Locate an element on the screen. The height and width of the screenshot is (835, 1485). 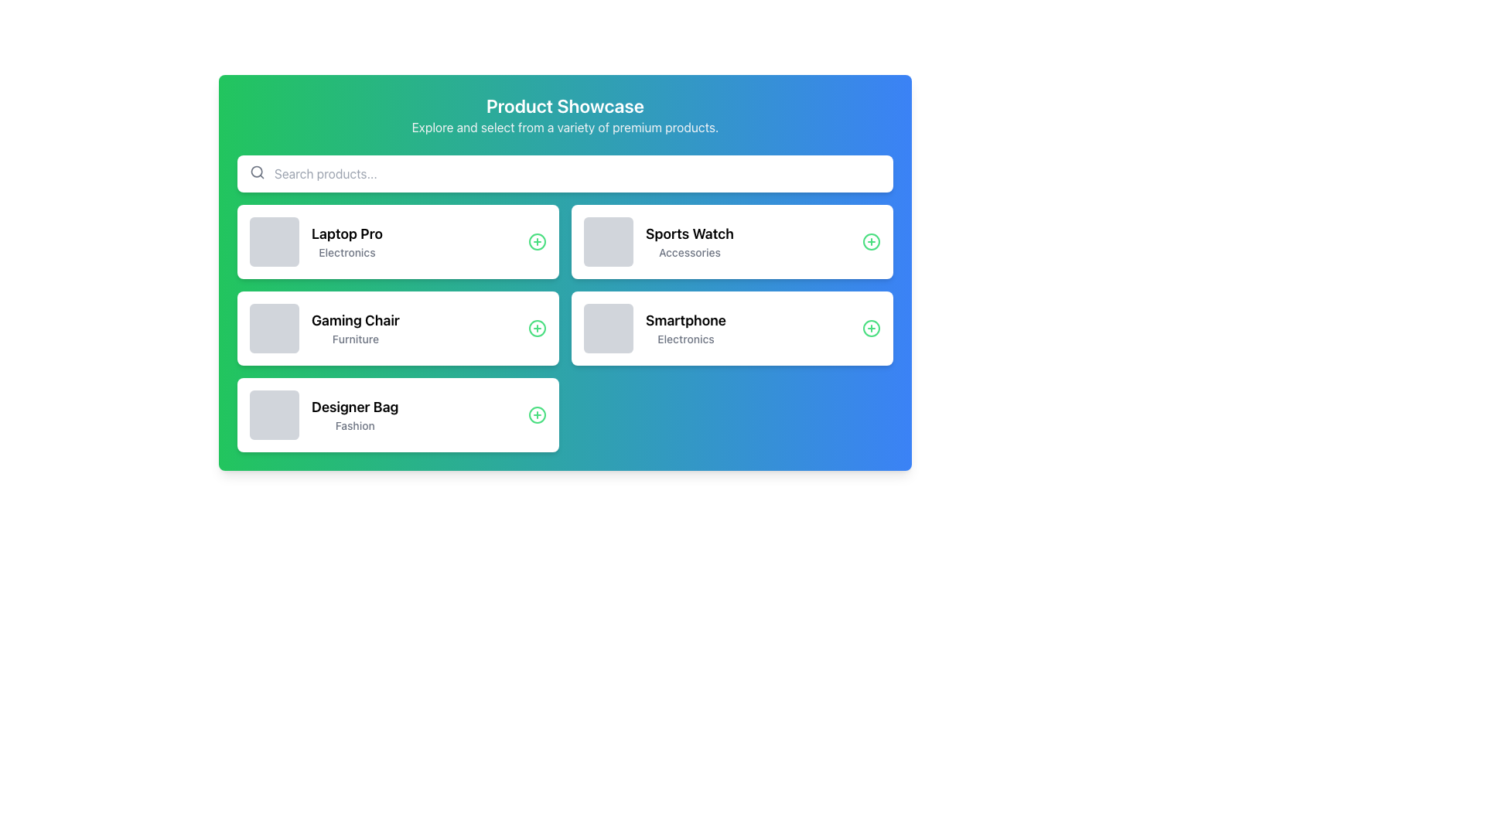
the green circular outline component of the plus icon located in the bottom-right corner of the second card under the 'Gaming Chair' title is located at coordinates (538, 327).